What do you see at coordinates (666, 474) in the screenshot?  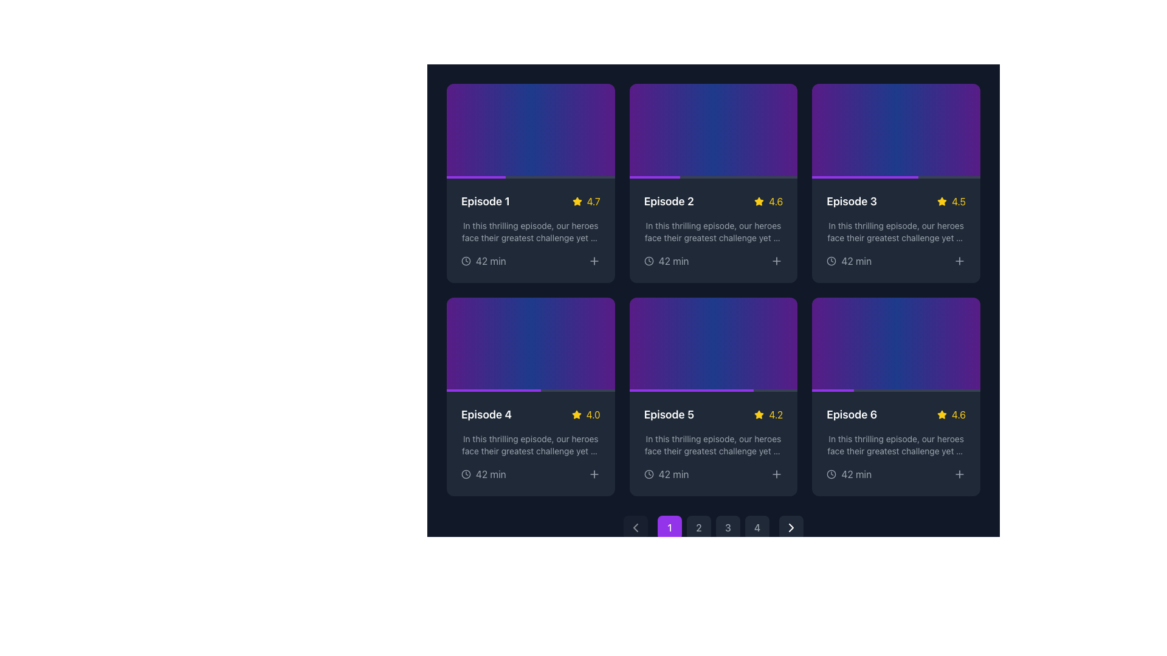 I see `the text element displaying '42 min' with a clock icon, located in the lower section of the 'Episode 5' card` at bounding box center [666, 474].